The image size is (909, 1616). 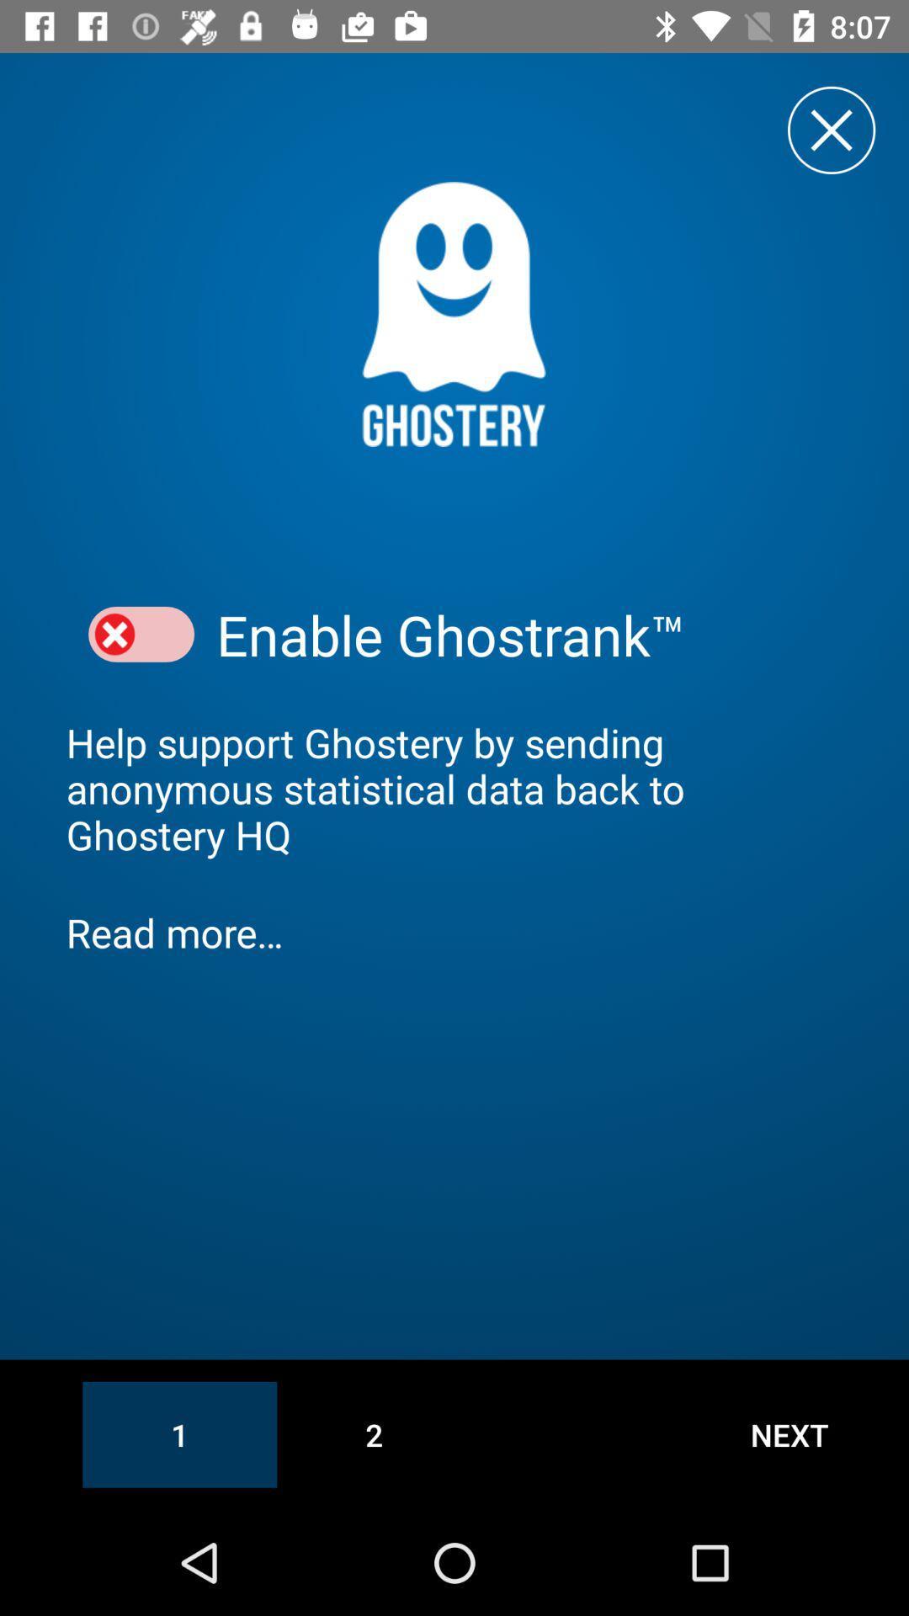 I want to click on 2, so click(x=373, y=1433).